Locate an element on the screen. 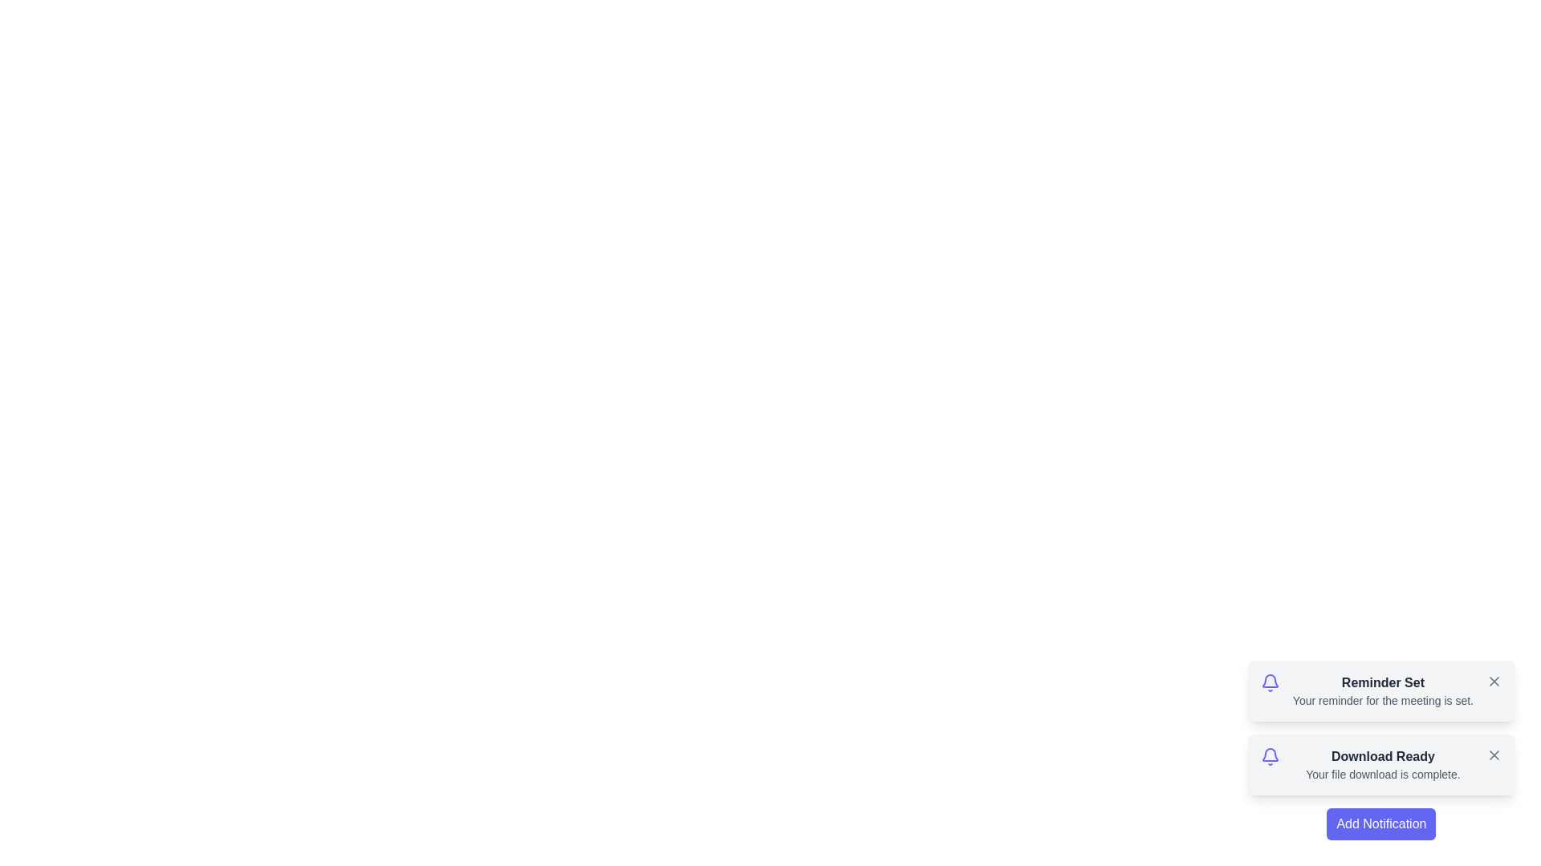  the dismiss button located at the far right of the 'Reminder Set' notification card to change its color is located at coordinates (1494, 681).